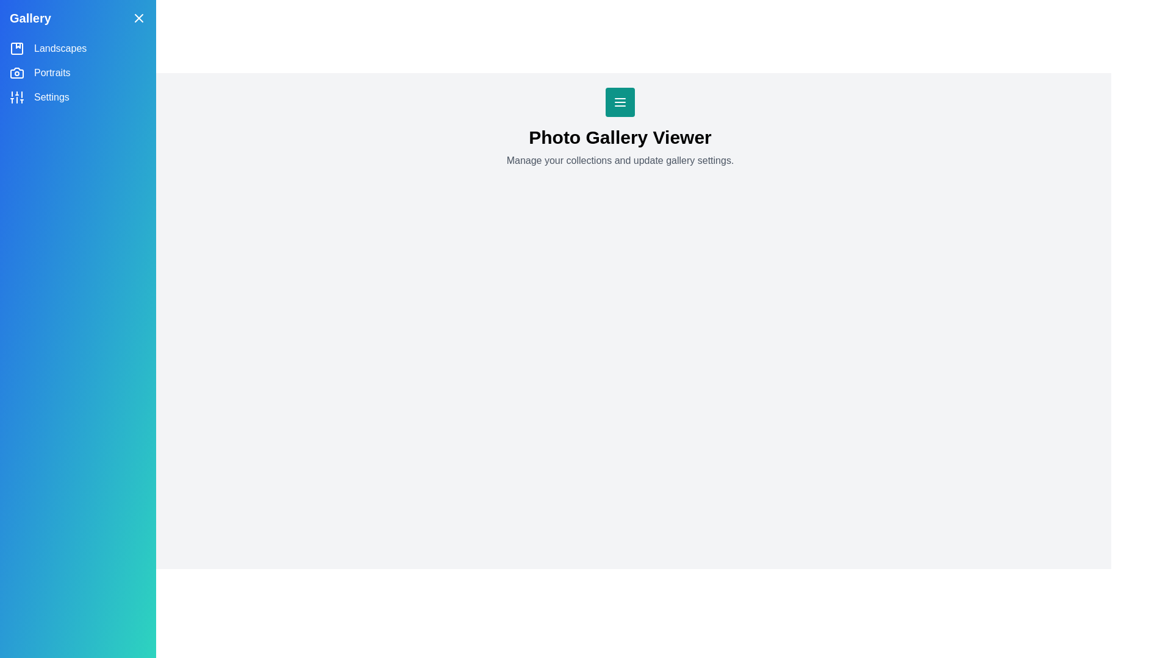 The height and width of the screenshot is (658, 1171). What do you see at coordinates (77, 73) in the screenshot?
I see `the category Portraits from the side drawer menu` at bounding box center [77, 73].